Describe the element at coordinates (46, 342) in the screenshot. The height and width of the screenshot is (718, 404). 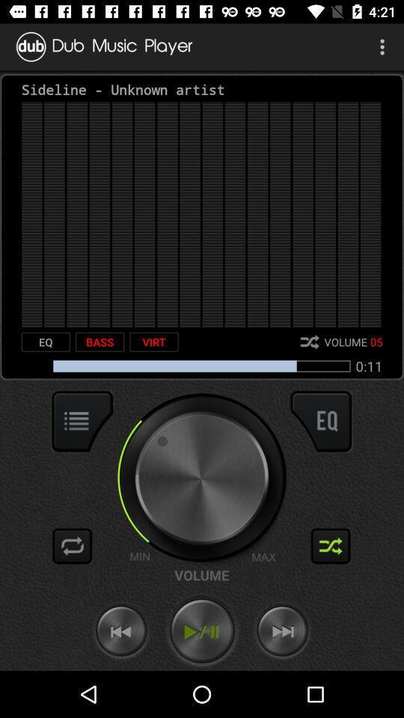
I see `eq   icon` at that location.